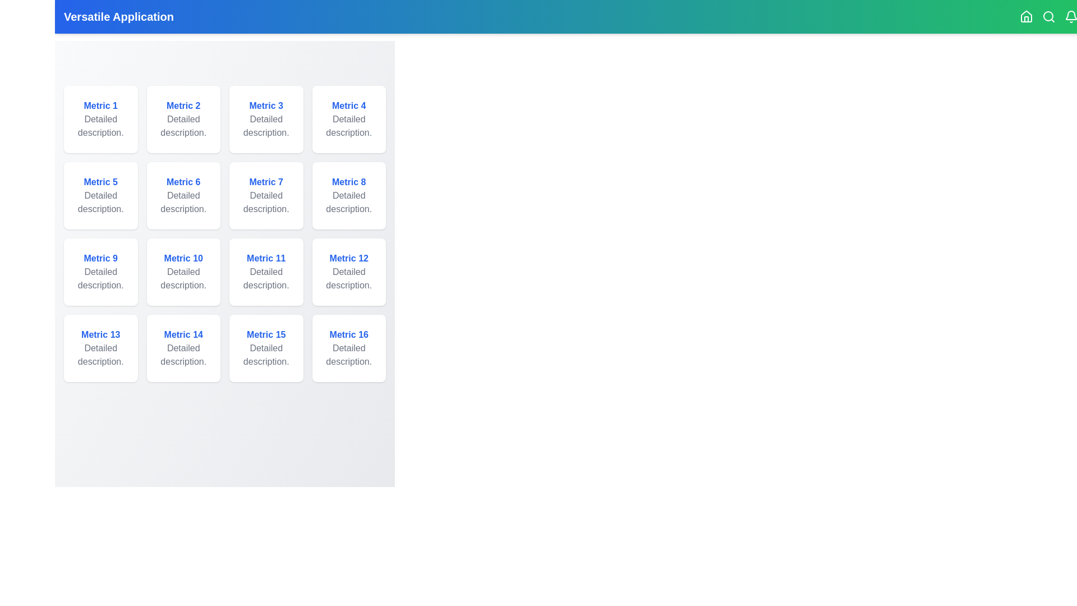  I want to click on the Search icon in the app bar, so click(1048, 17).